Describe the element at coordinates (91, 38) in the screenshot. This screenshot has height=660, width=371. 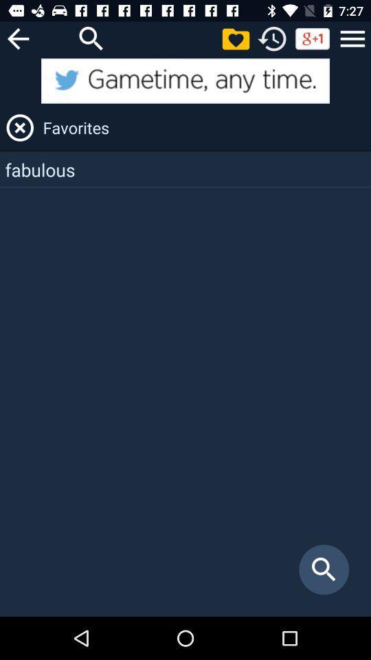
I see `the search icon` at that location.